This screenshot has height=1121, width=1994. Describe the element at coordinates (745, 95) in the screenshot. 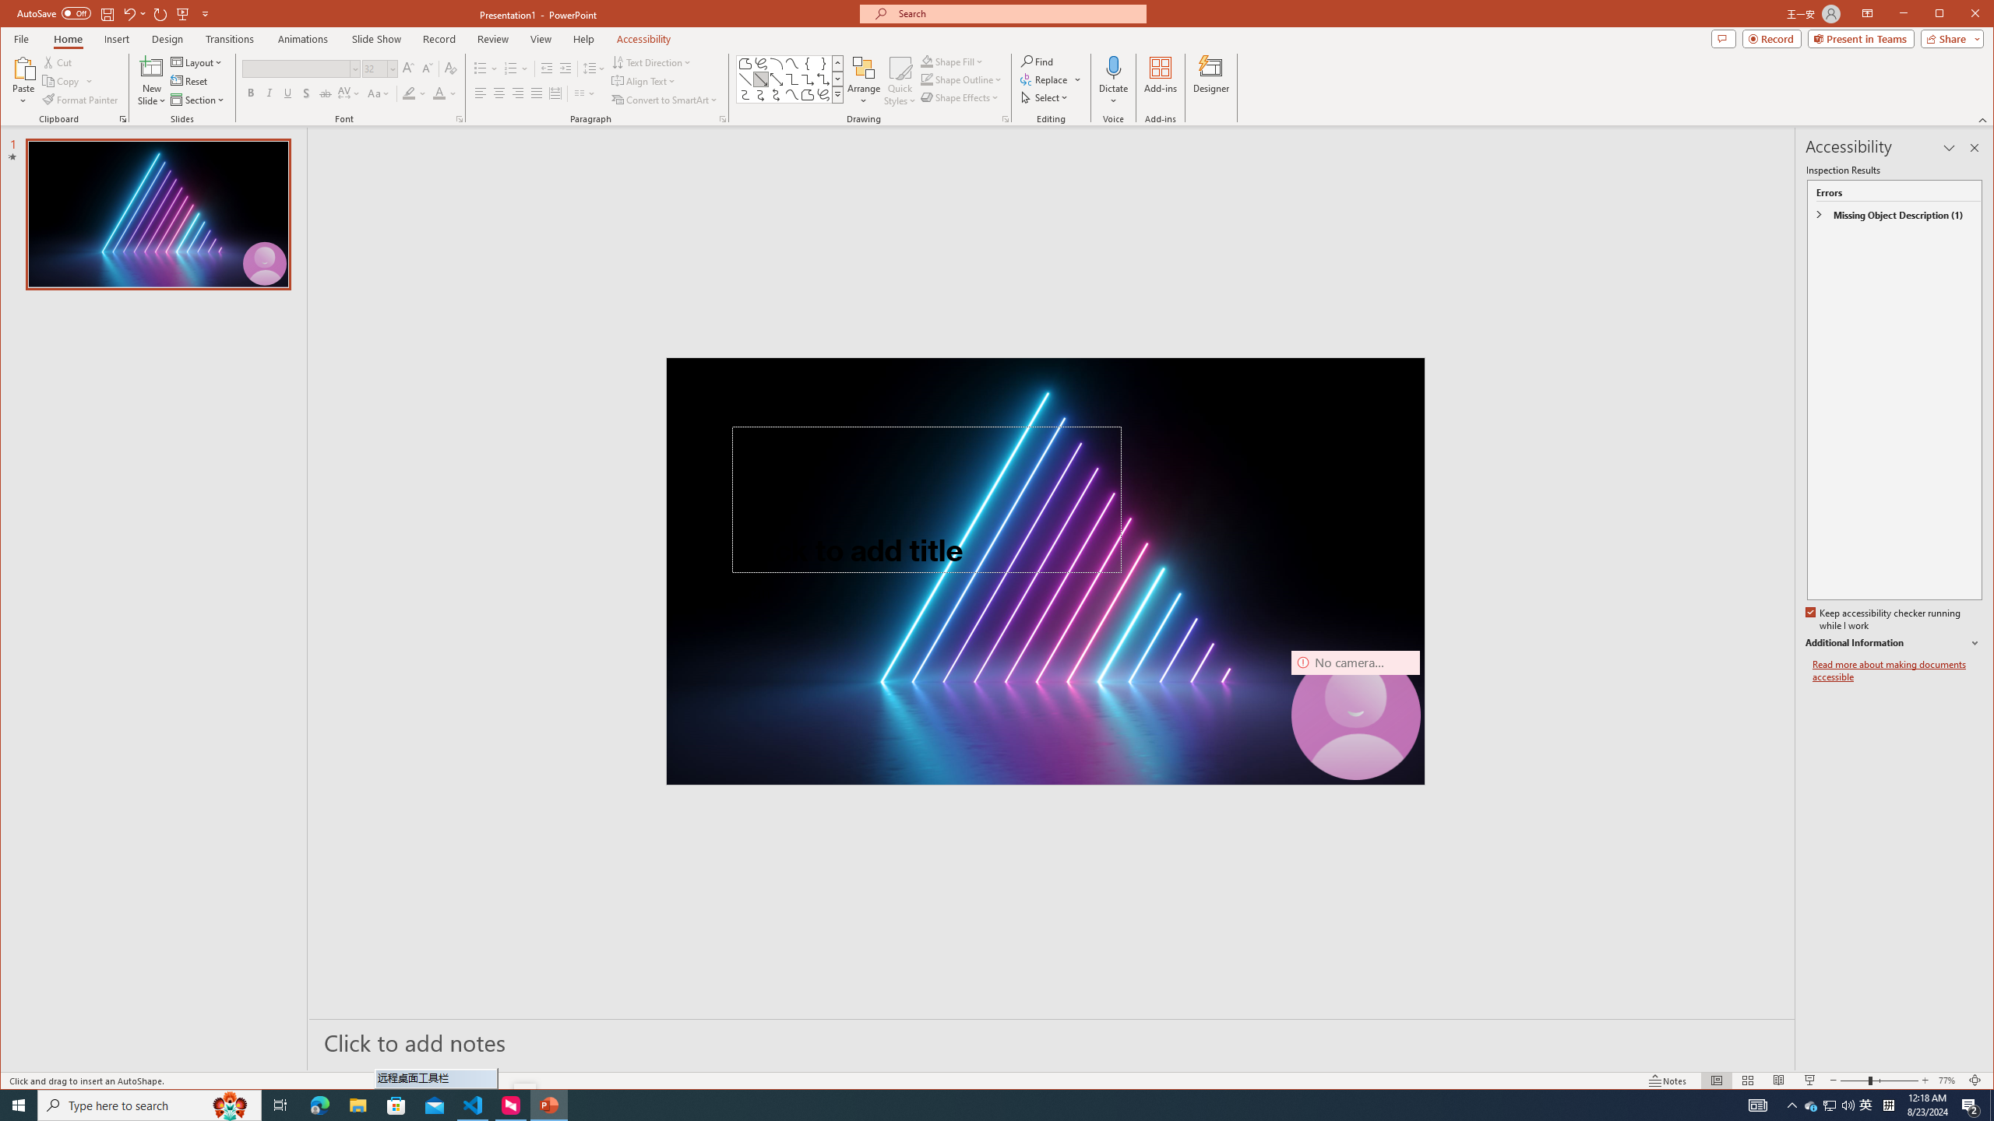

I see `'Connector: Curved'` at that location.